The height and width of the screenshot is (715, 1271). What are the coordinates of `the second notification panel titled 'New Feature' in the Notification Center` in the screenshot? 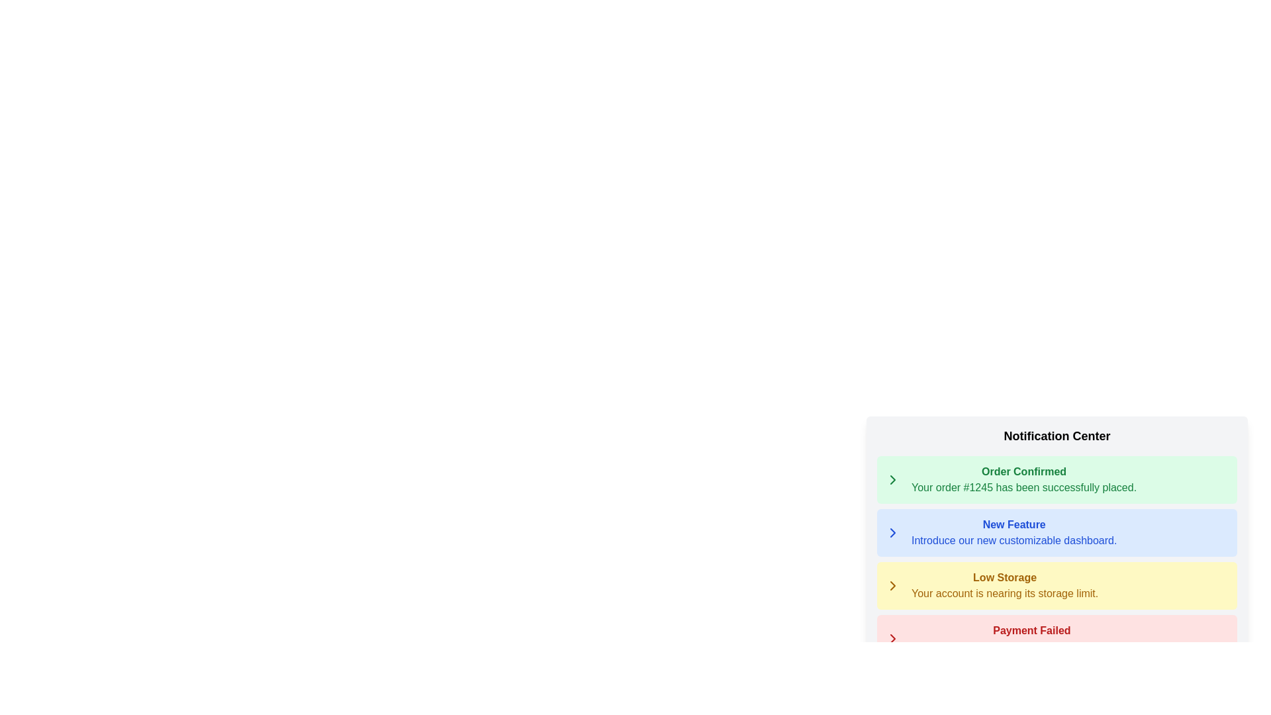 It's located at (1057, 507).